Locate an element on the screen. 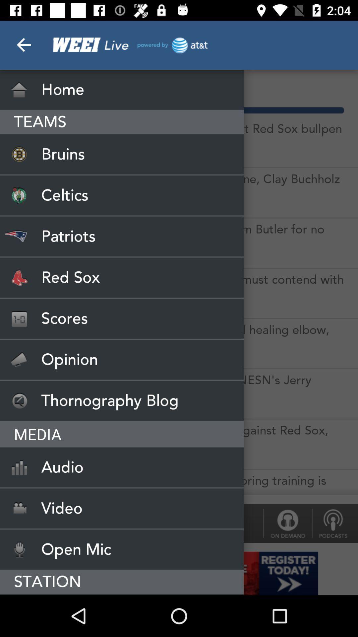  the lock icon is located at coordinates (287, 523).